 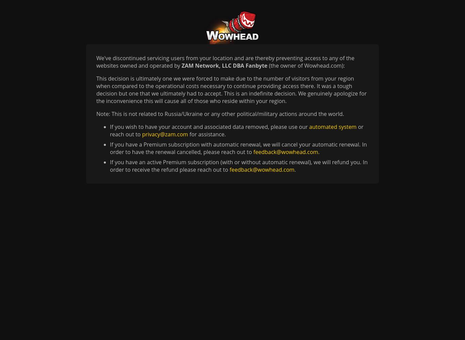 What do you see at coordinates (231, 90) in the screenshot?
I see `'This decision is ultimately one we were forced to make due to the number of visitors from your region when compared to the operational costs necessary to continue providing access there. It was a tough decision but one that we ultimately had to accept. This is an indefinite decision. We genuinely apologize for the inconvenience this will cause all of those who reside within your region.'` at bounding box center [231, 90].